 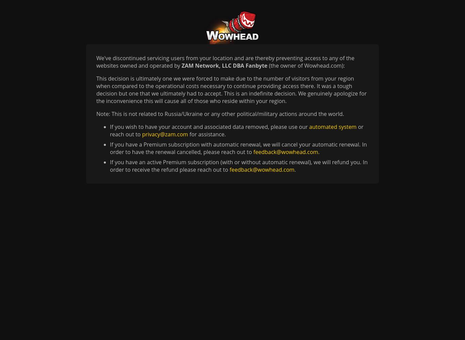 What do you see at coordinates (231, 90) in the screenshot?
I see `'This decision is ultimately one we were forced to make due to the number of visitors from your region when compared to the operational costs necessary to continue providing access there. It was a tough decision but one that we ultimately had to accept. This is an indefinite decision. We genuinely apologize for the inconvenience this will cause all of those who reside within your region.'` at bounding box center [231, 90].